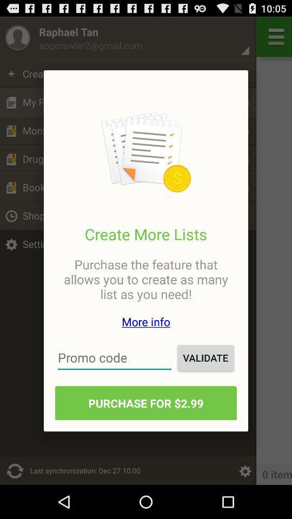 This screenshot has height=519, width=292. Describe the element at coordinates (114, 357) in the screenshot. I see `input code` at that location.